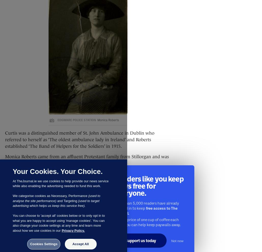 The image size is (262, 252). I want to click on 'free access to The Journal.', so click(146, 210).